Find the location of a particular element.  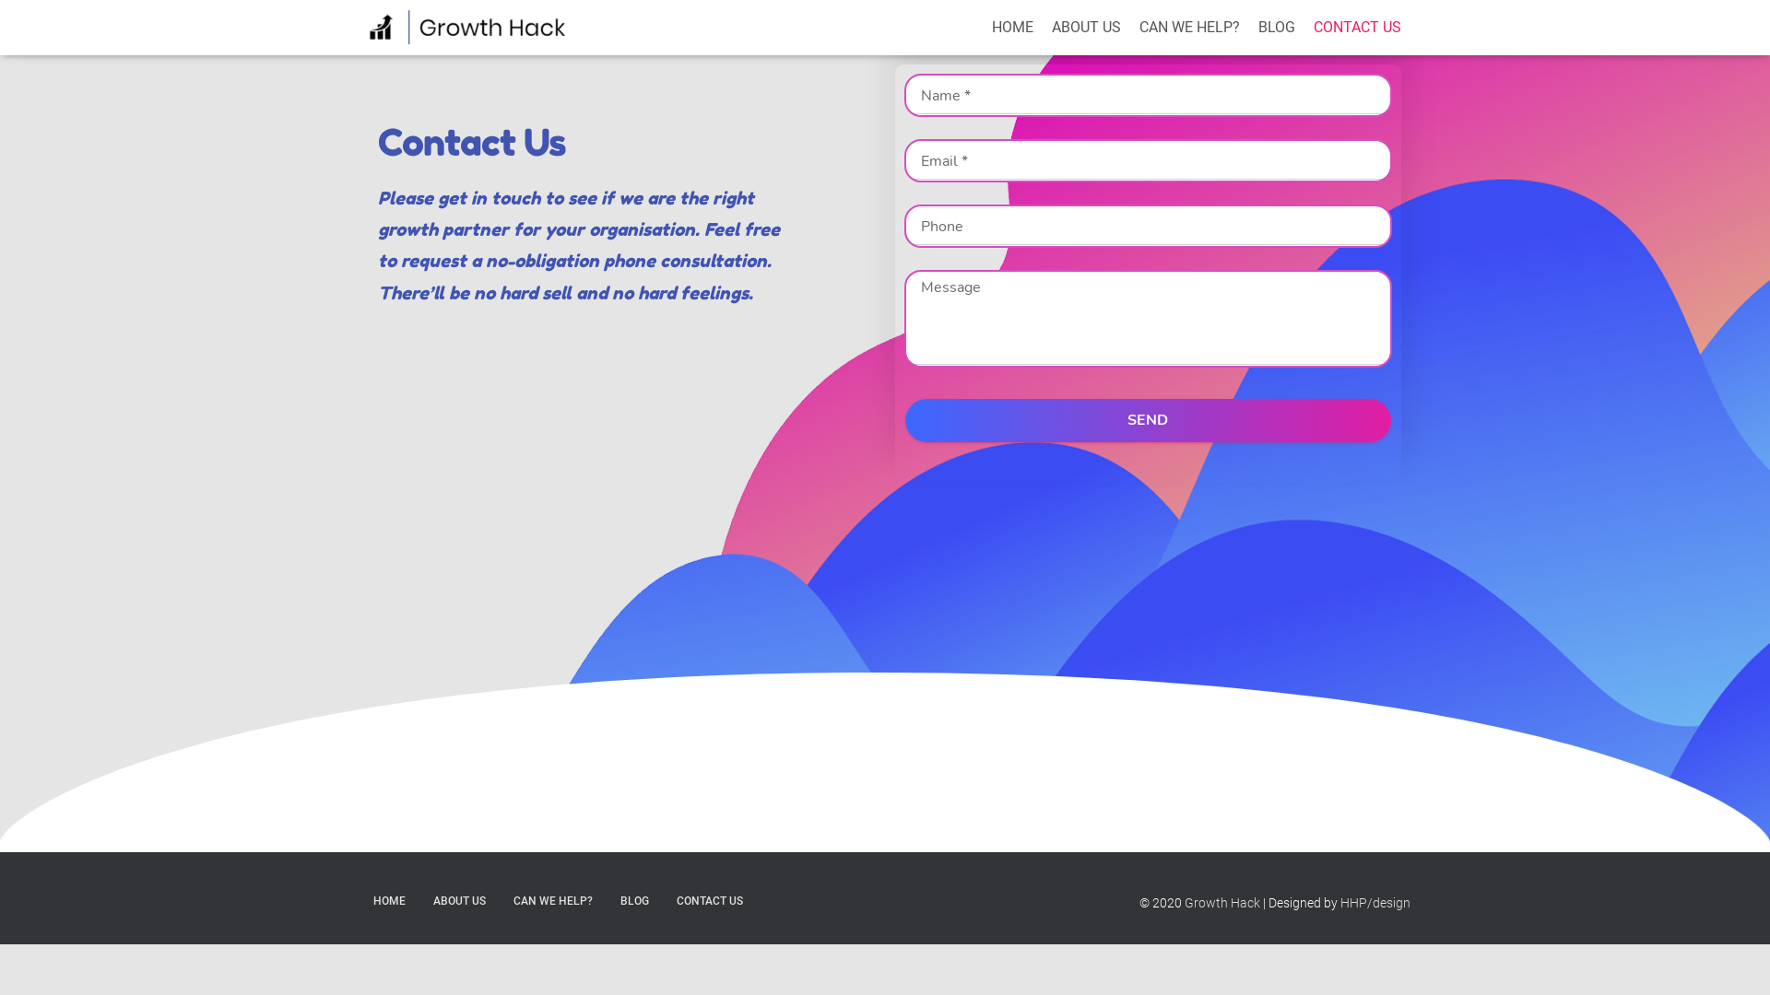

'BLOG' is located at coordinates (1276, 28).